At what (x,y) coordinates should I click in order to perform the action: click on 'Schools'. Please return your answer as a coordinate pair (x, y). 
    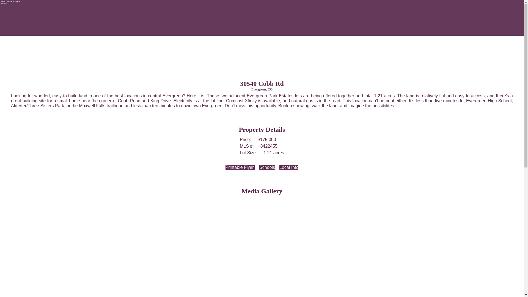
    Looking at the image, I should click on (267, 167).